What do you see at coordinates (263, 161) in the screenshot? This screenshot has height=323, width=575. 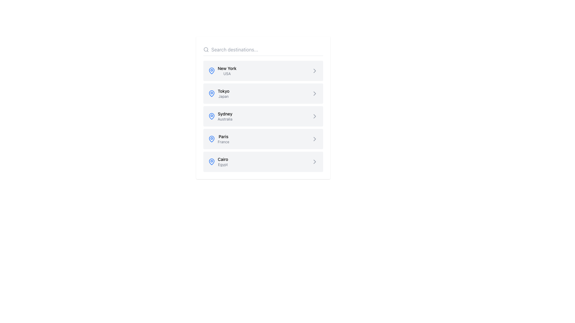 I see `the selectable list item for 'Cairo, Egypt'` at bounding box center [263, 161].